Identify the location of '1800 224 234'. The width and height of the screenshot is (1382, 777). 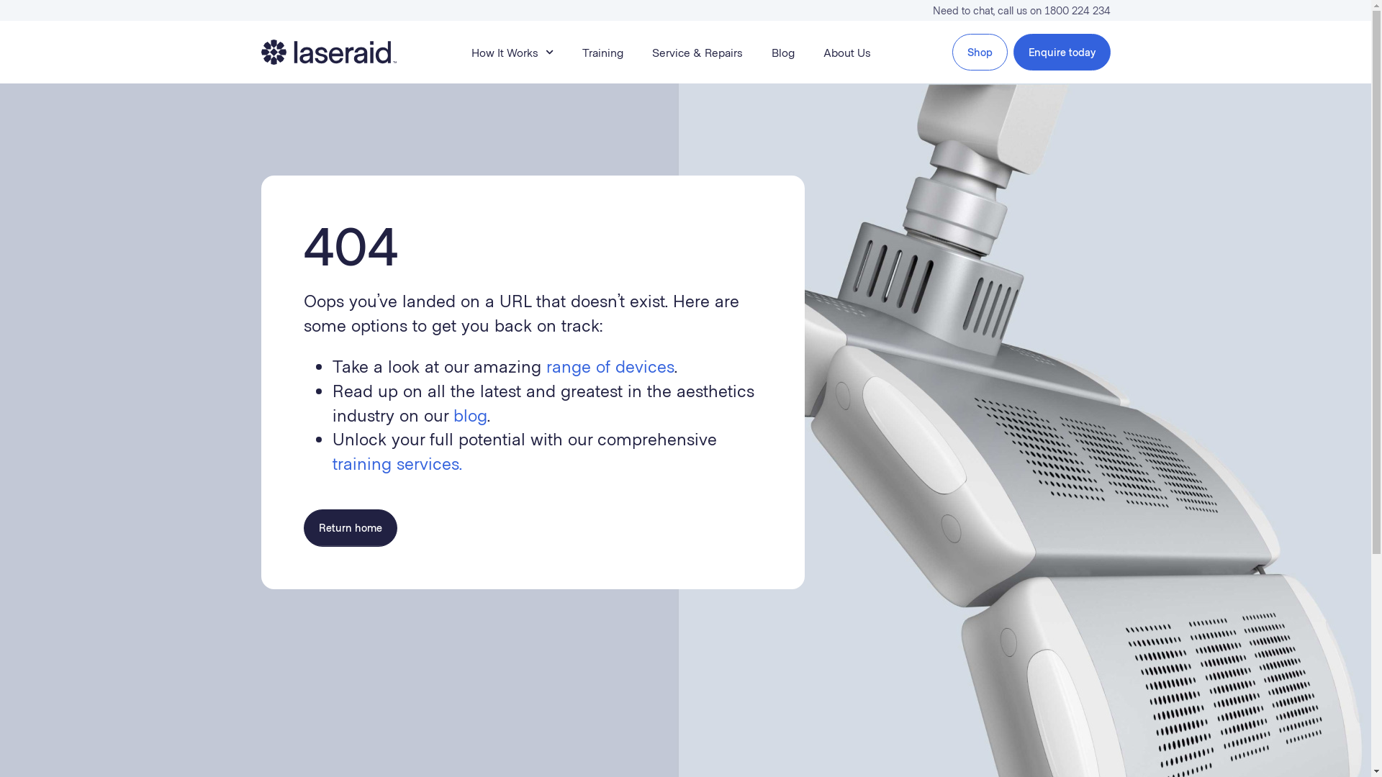
(1077, 10).